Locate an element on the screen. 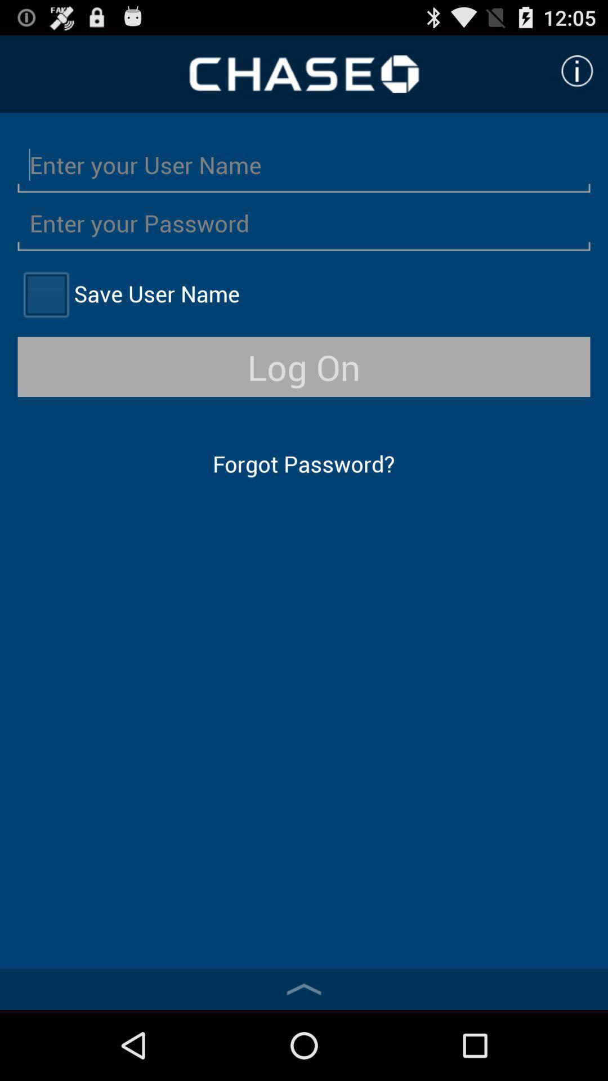 The image size is (608, 1081). the info icon is located at coordinates (577, 75).